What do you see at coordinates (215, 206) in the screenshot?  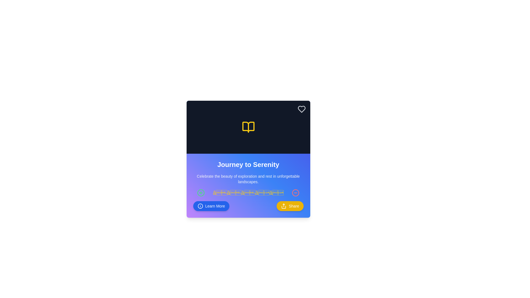 I see `the 'Learn More' button, which is a blue rounded-rectangle with white text and an icon on its left` at bounding box center [215, 206].